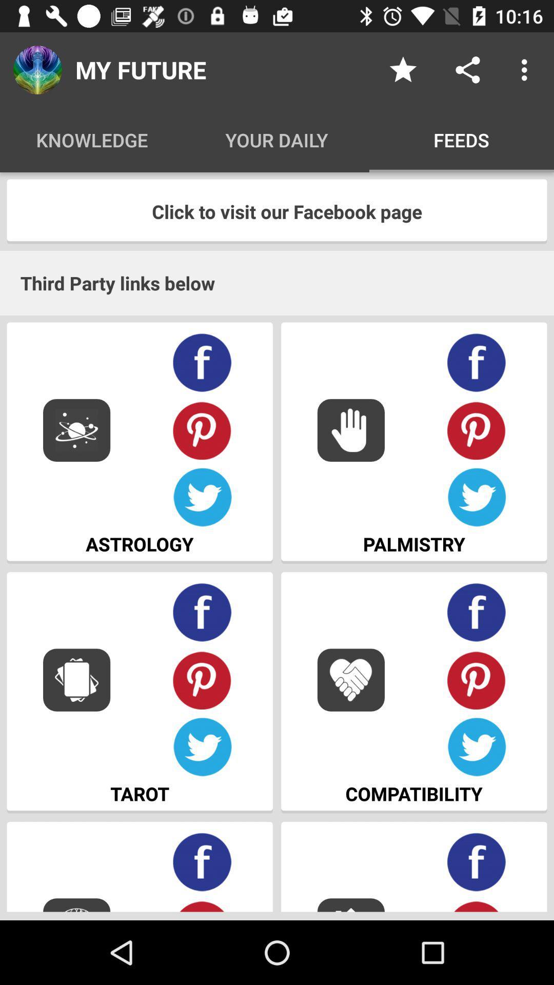 Image resolution: width=554 pixels, height=985 pixels. What do you see at coordinates (477, 862) in the screenshot?
I see `fb logo` at bounding box center [477, 862].